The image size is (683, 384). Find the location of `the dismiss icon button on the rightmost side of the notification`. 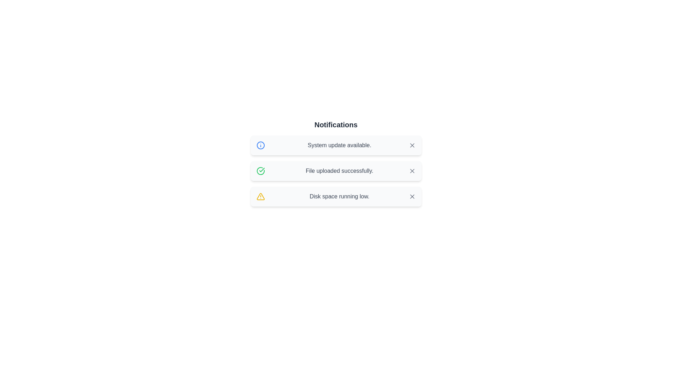

the dismiss icon button on the rightmost side of the notification is located at coordinates (412, 145).